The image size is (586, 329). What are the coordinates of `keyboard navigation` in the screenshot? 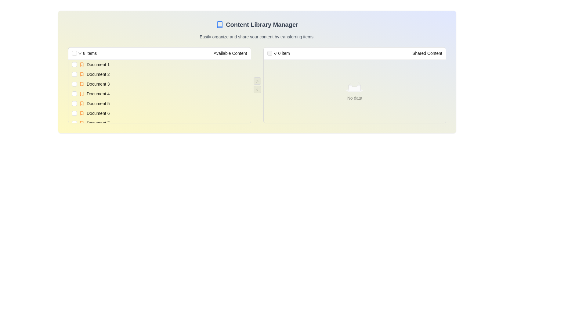 It's located at (163, 74).